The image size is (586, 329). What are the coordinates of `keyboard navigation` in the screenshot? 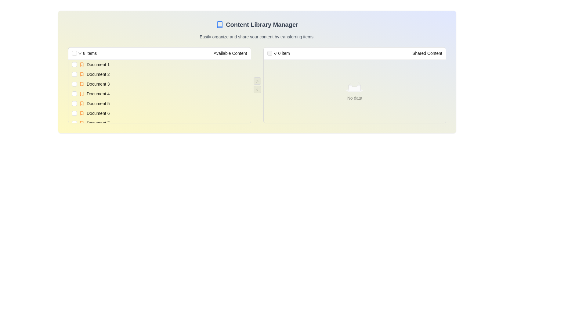 It's located at (163, 74).